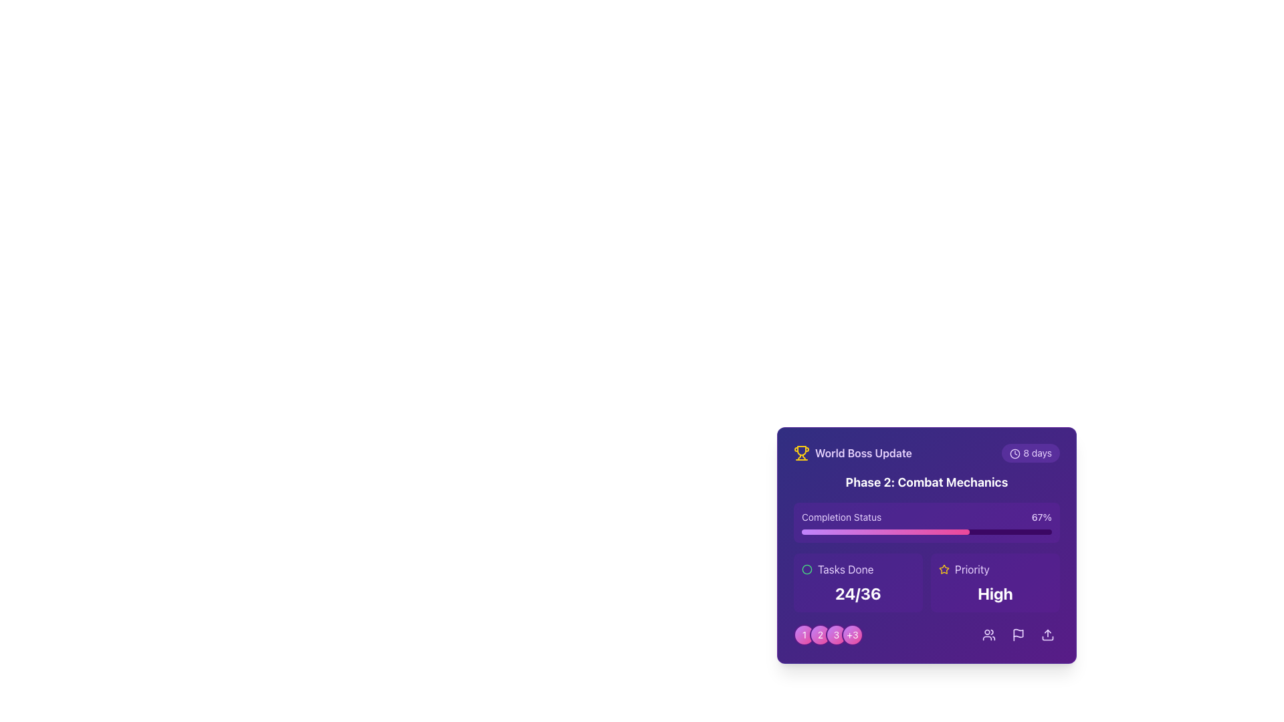 The width and height of the screenshot is (1284, 722). Describe the element at coordinates (804, 634) in the screenshot. I see `the first circular label icon with a gradient background transitioning from purple to pink, featuring the number '1' in white text and surrounded by a purple border, located at the bottom-left part of the interface` at that location.